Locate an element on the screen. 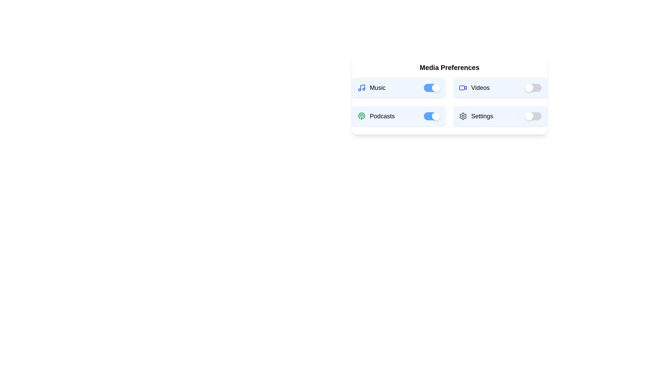  the Music icon in the Media Preferences panel is located at coordinates (361, 87).